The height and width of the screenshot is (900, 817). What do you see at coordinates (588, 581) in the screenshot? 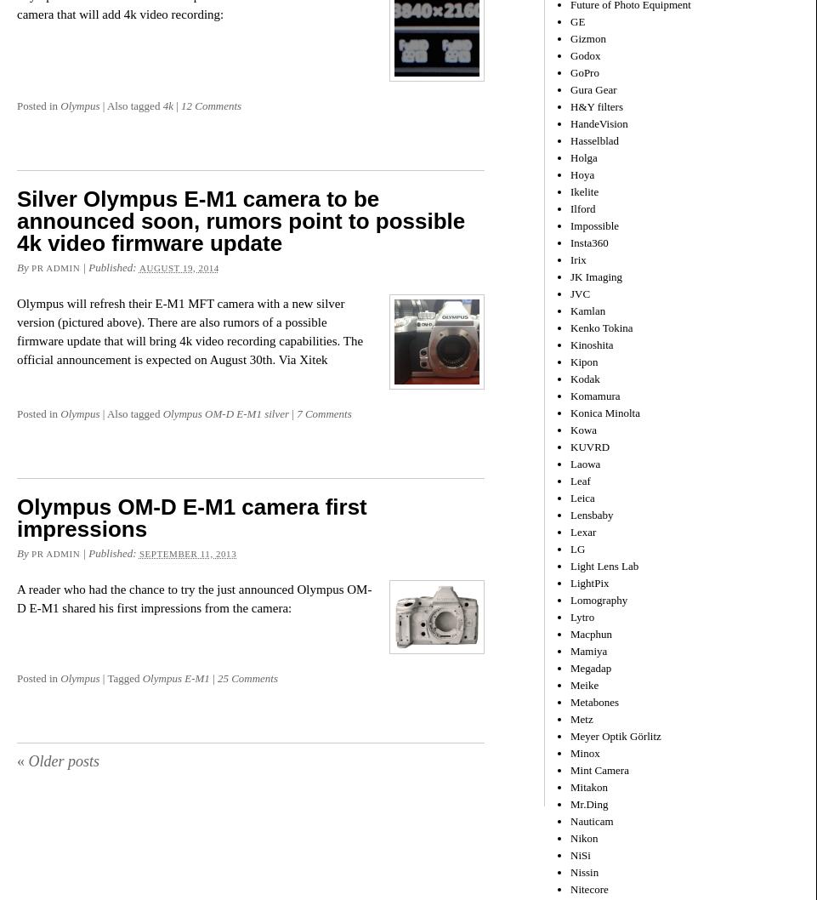
I see `'LightPix'` at bounding box center [588, 581].